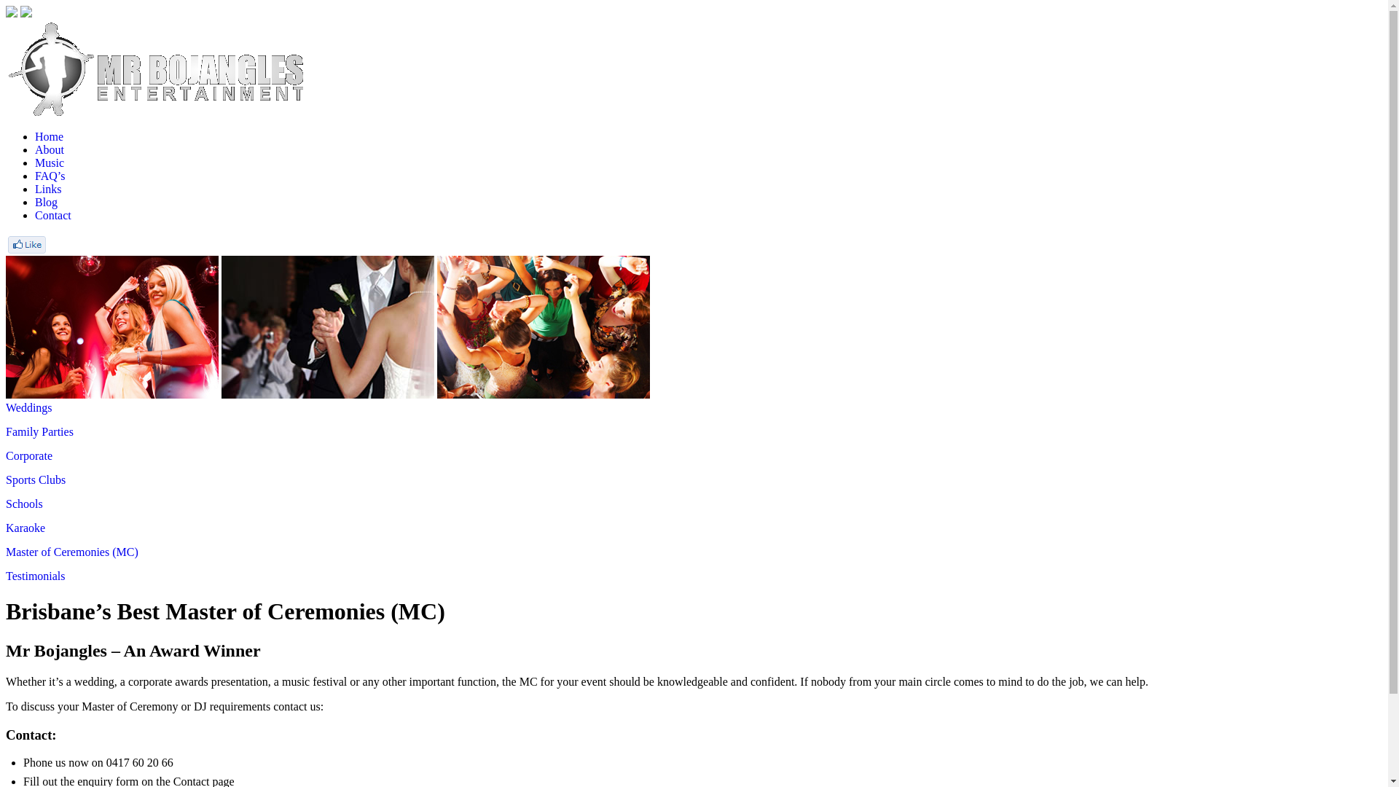 Image resolution: width=1399 pixels, height=787 pixels. I want to click on 'Sports Clubs', so click(35, 479).